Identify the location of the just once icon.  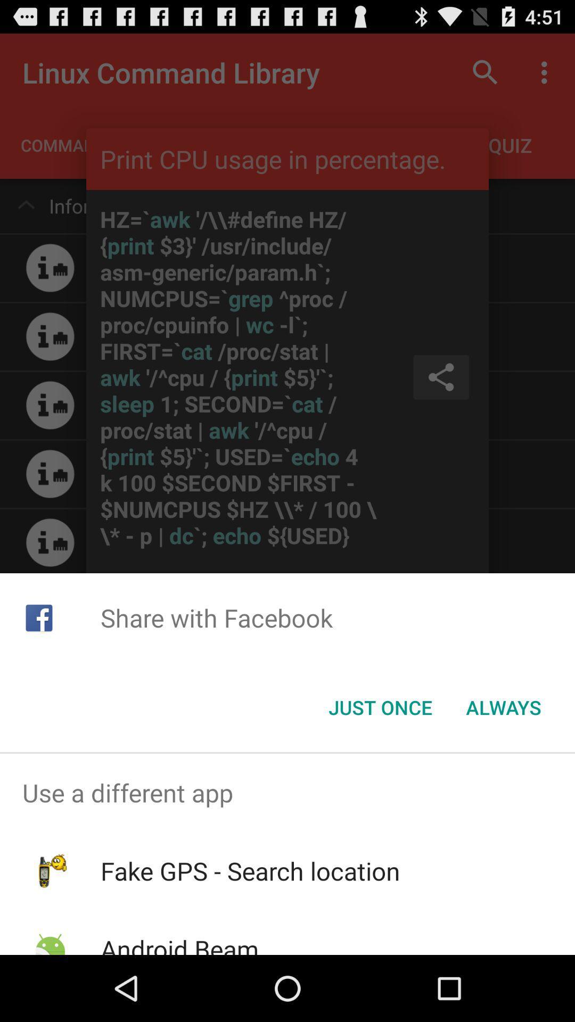
(380, 707).